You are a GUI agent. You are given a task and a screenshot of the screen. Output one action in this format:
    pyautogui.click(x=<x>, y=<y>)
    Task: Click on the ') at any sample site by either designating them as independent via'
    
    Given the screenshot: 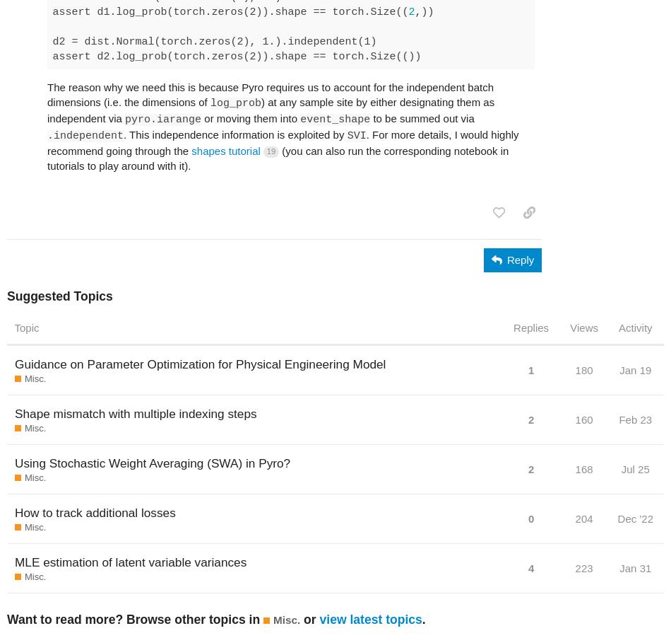 What is the action you would take?
    pyautogui.click(x=270, y=109)
    